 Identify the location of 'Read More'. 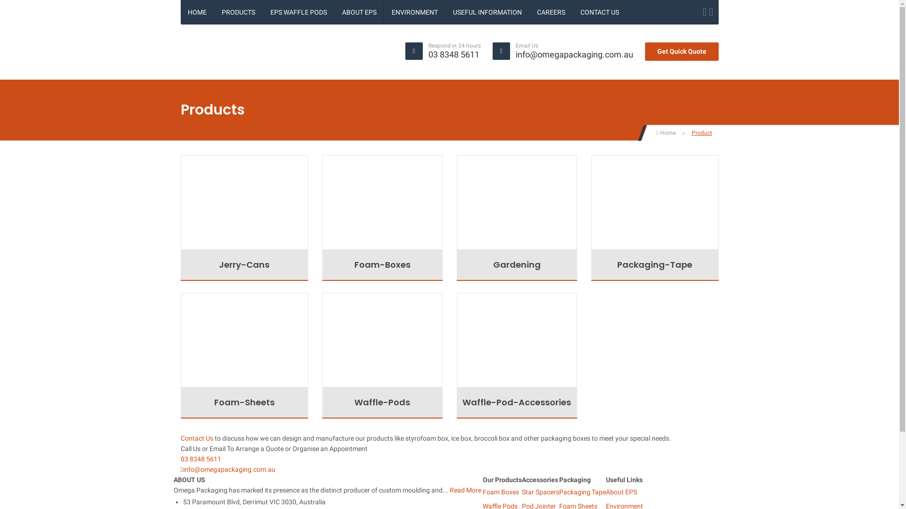
(465, 490).